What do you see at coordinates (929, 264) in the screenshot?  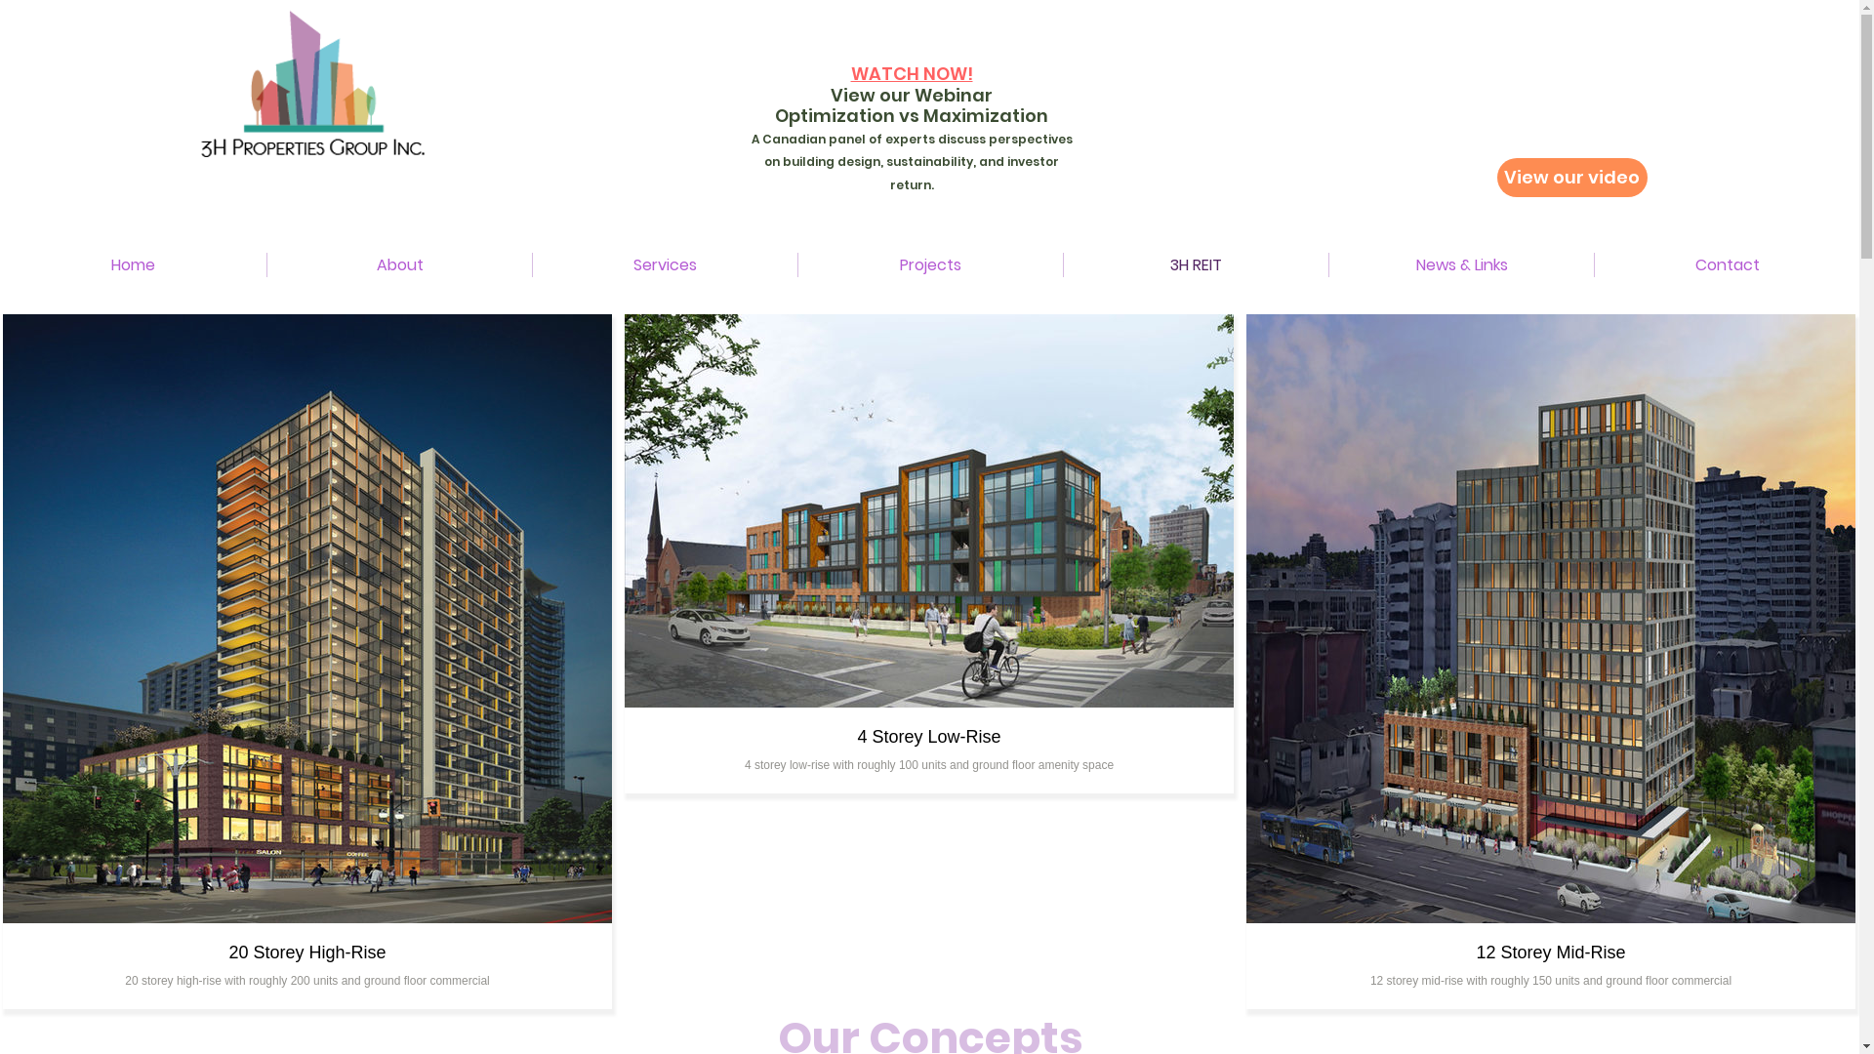 I see `'Projects'` at bounding box center [929, 264].